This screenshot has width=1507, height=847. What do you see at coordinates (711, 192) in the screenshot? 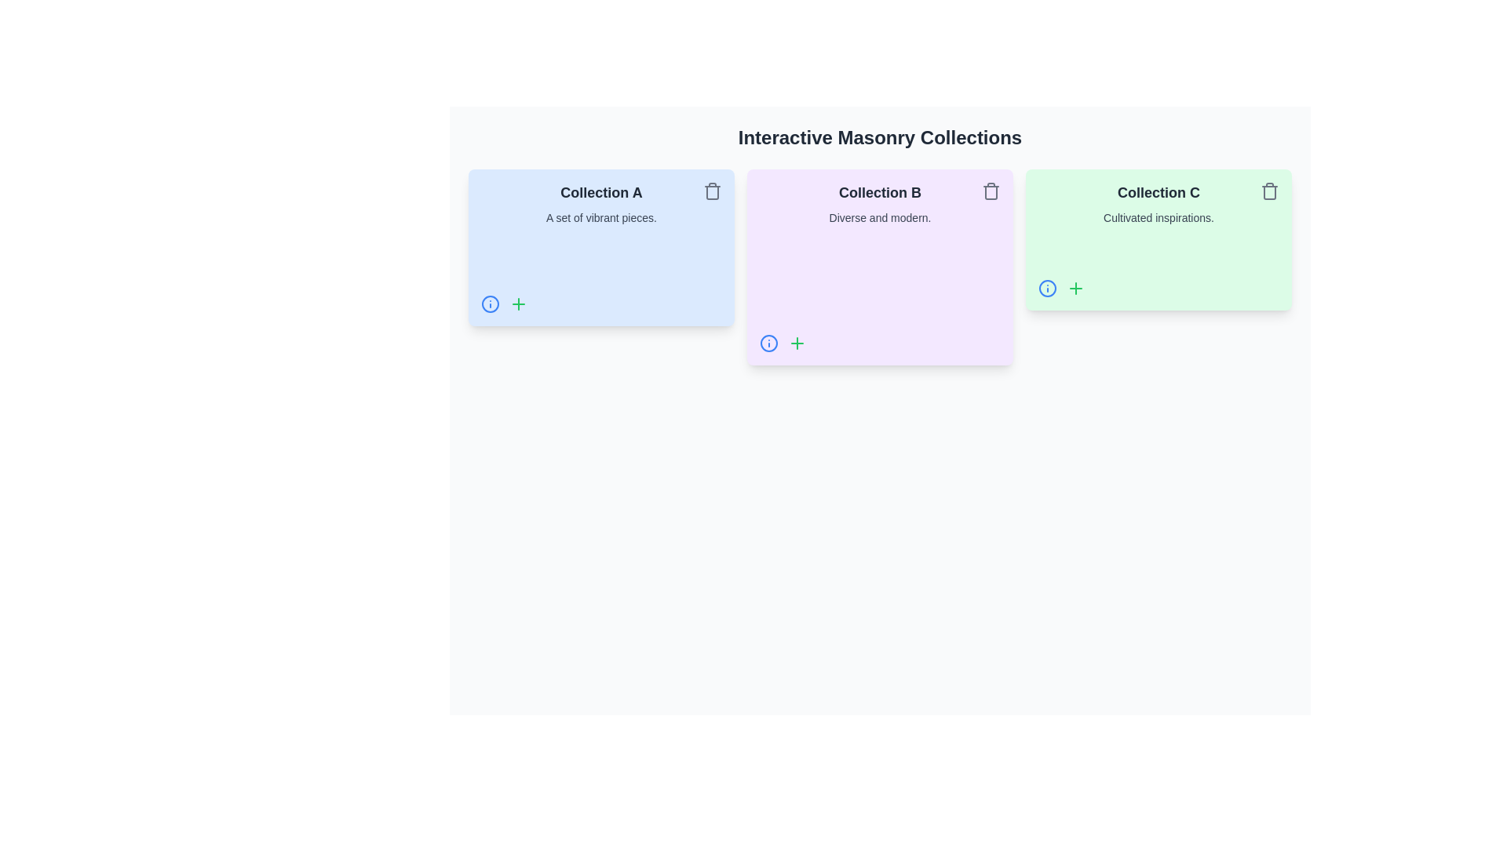
I see `the trash bin icon located at the upper-right corner of the card labeled 'Collection A'` at bounding box center [711, 192].